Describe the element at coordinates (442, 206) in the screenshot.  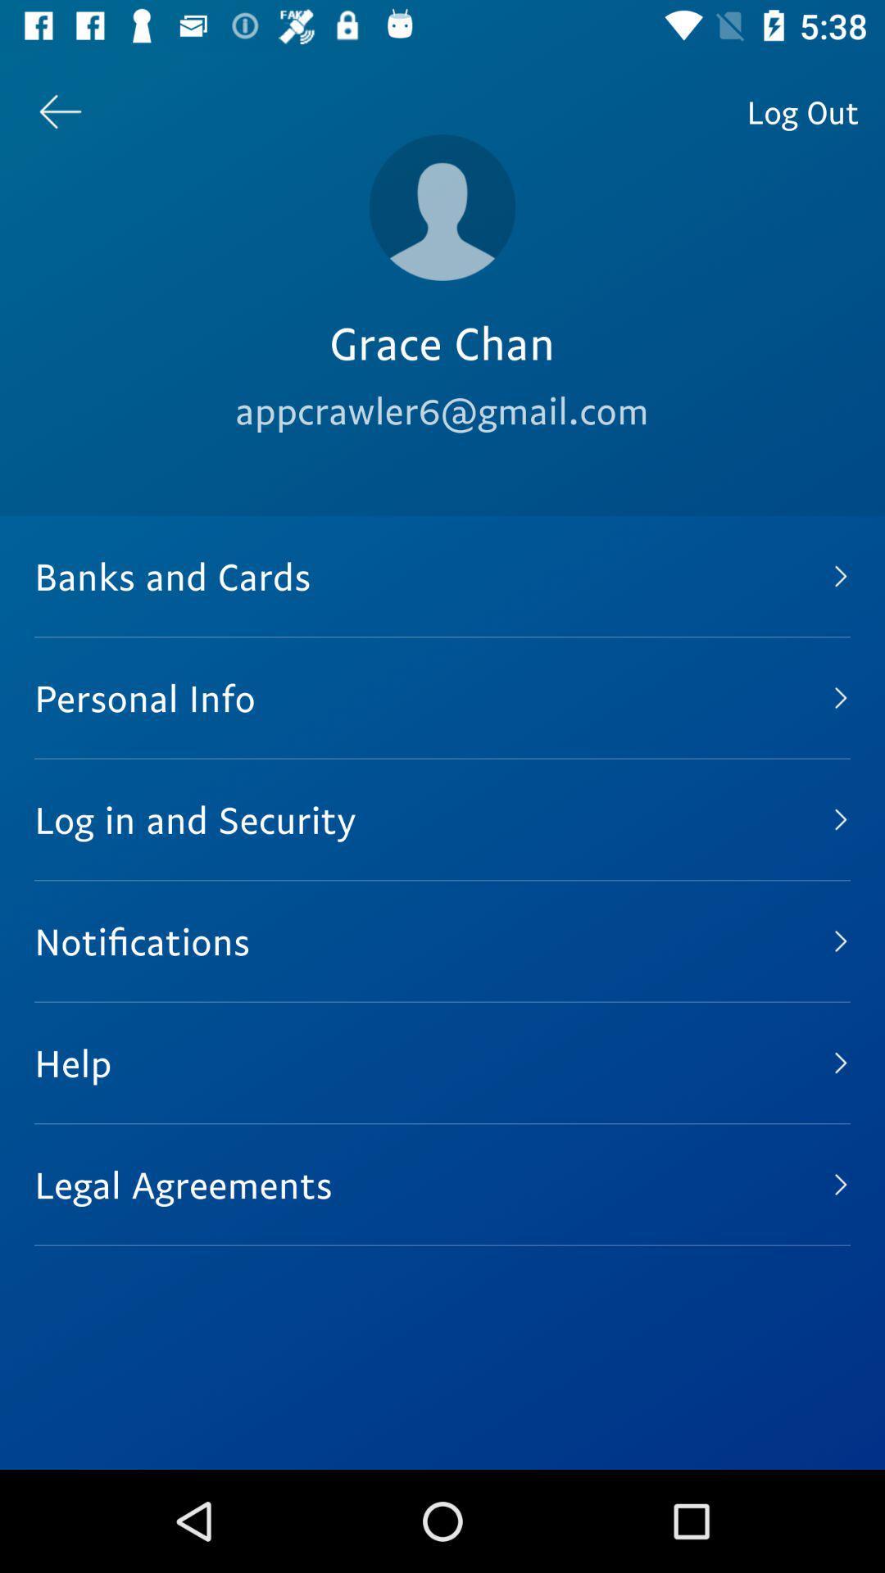
I see `item next to the log out item` at that location.